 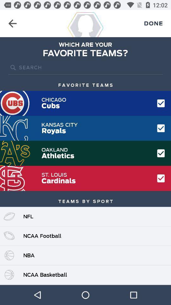 I want to click on the icon at the top left corner, so click(x=12, y=24).